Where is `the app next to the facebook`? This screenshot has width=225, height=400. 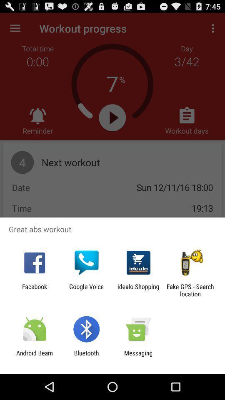 the app next to the facebook is located at coordinates (86, 290).